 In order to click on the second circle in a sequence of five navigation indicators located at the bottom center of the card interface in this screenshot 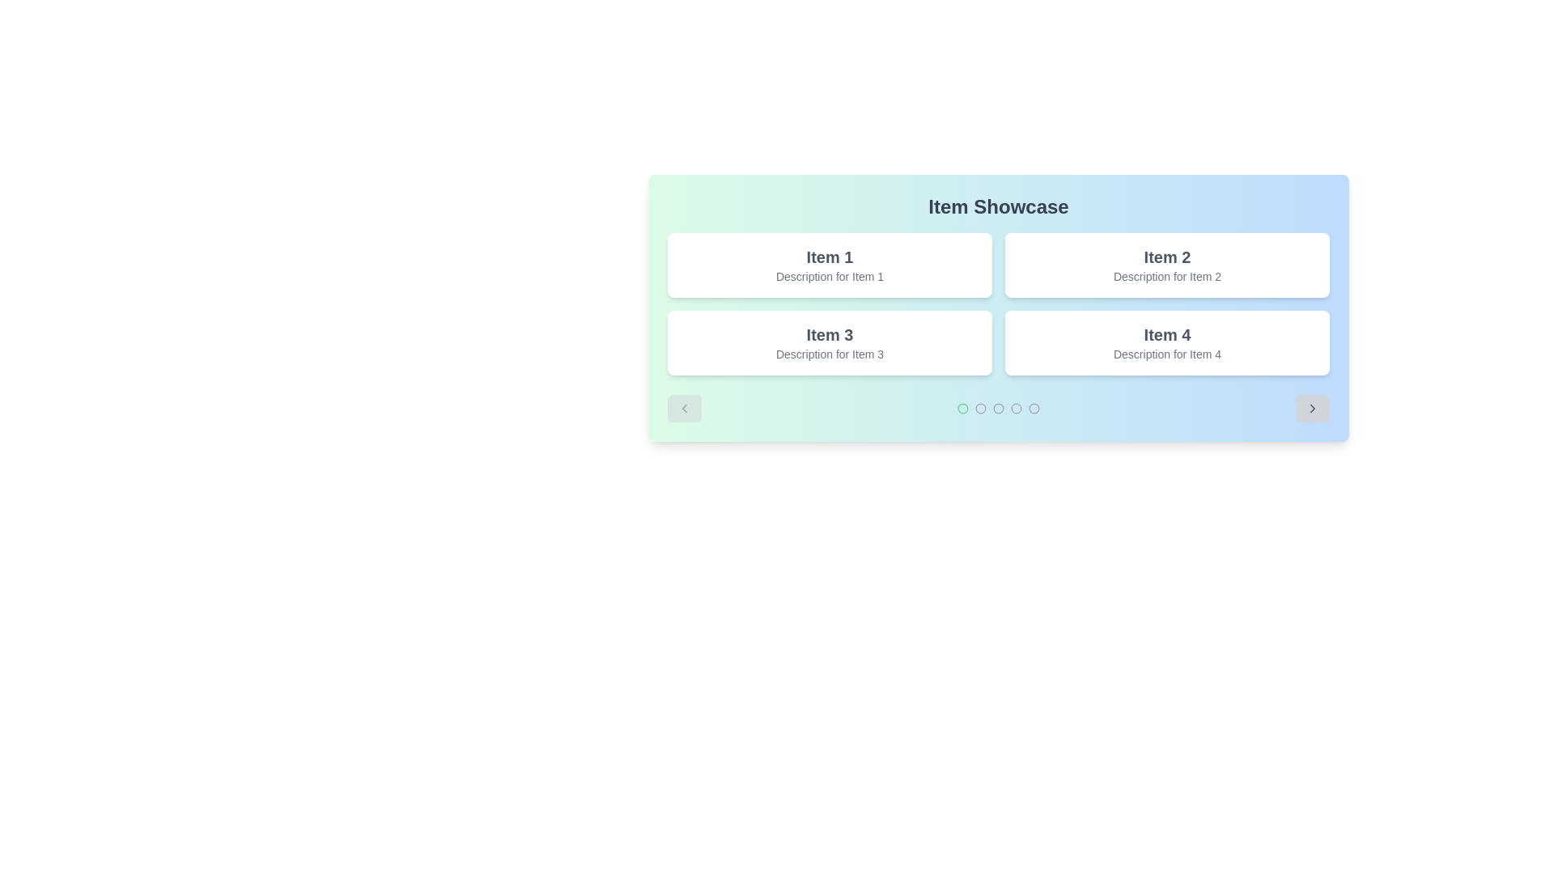, I will do `click(979, 408)`.